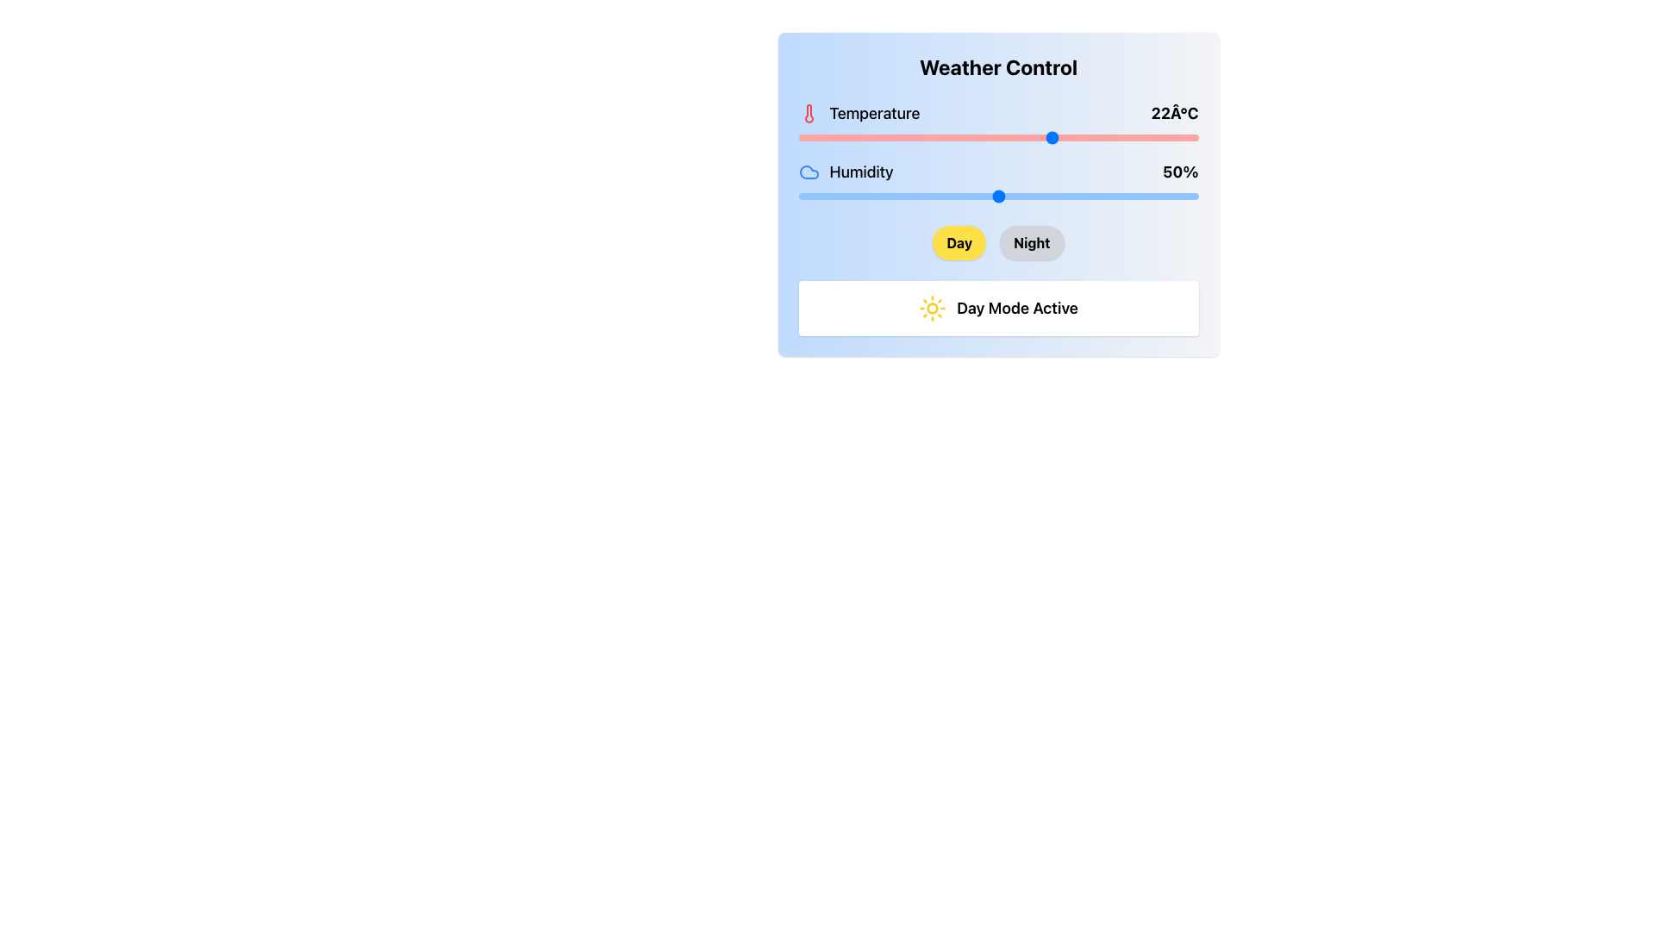 The width and height of the screenshot is (1655, 931). I want to click on the text label indicating humidity, located in the vertical layout under the 'Temperature' section, to the center-left of the interface, so click(861, 172).